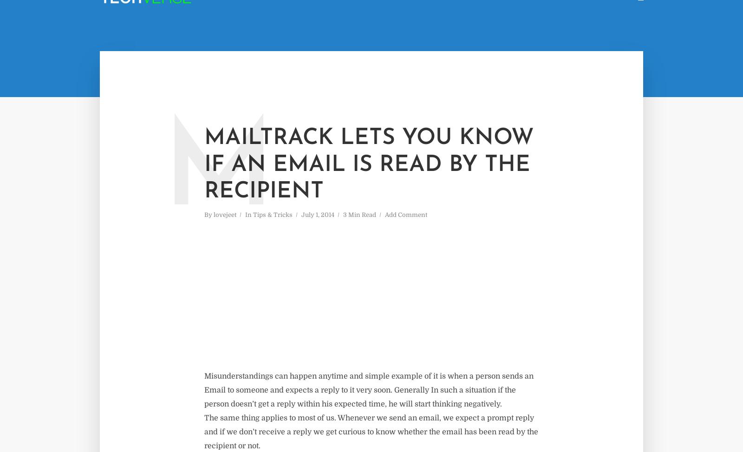 Image resolution: width=743 pixels, height=452 pixels. Describe the element at coordinates (540, 26) in the screenshot. I see `'Post'` at that location.